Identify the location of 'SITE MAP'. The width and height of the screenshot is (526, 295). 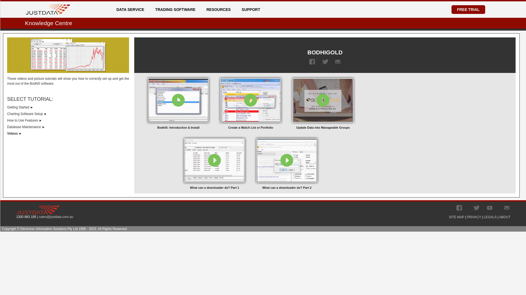
(456, 217).